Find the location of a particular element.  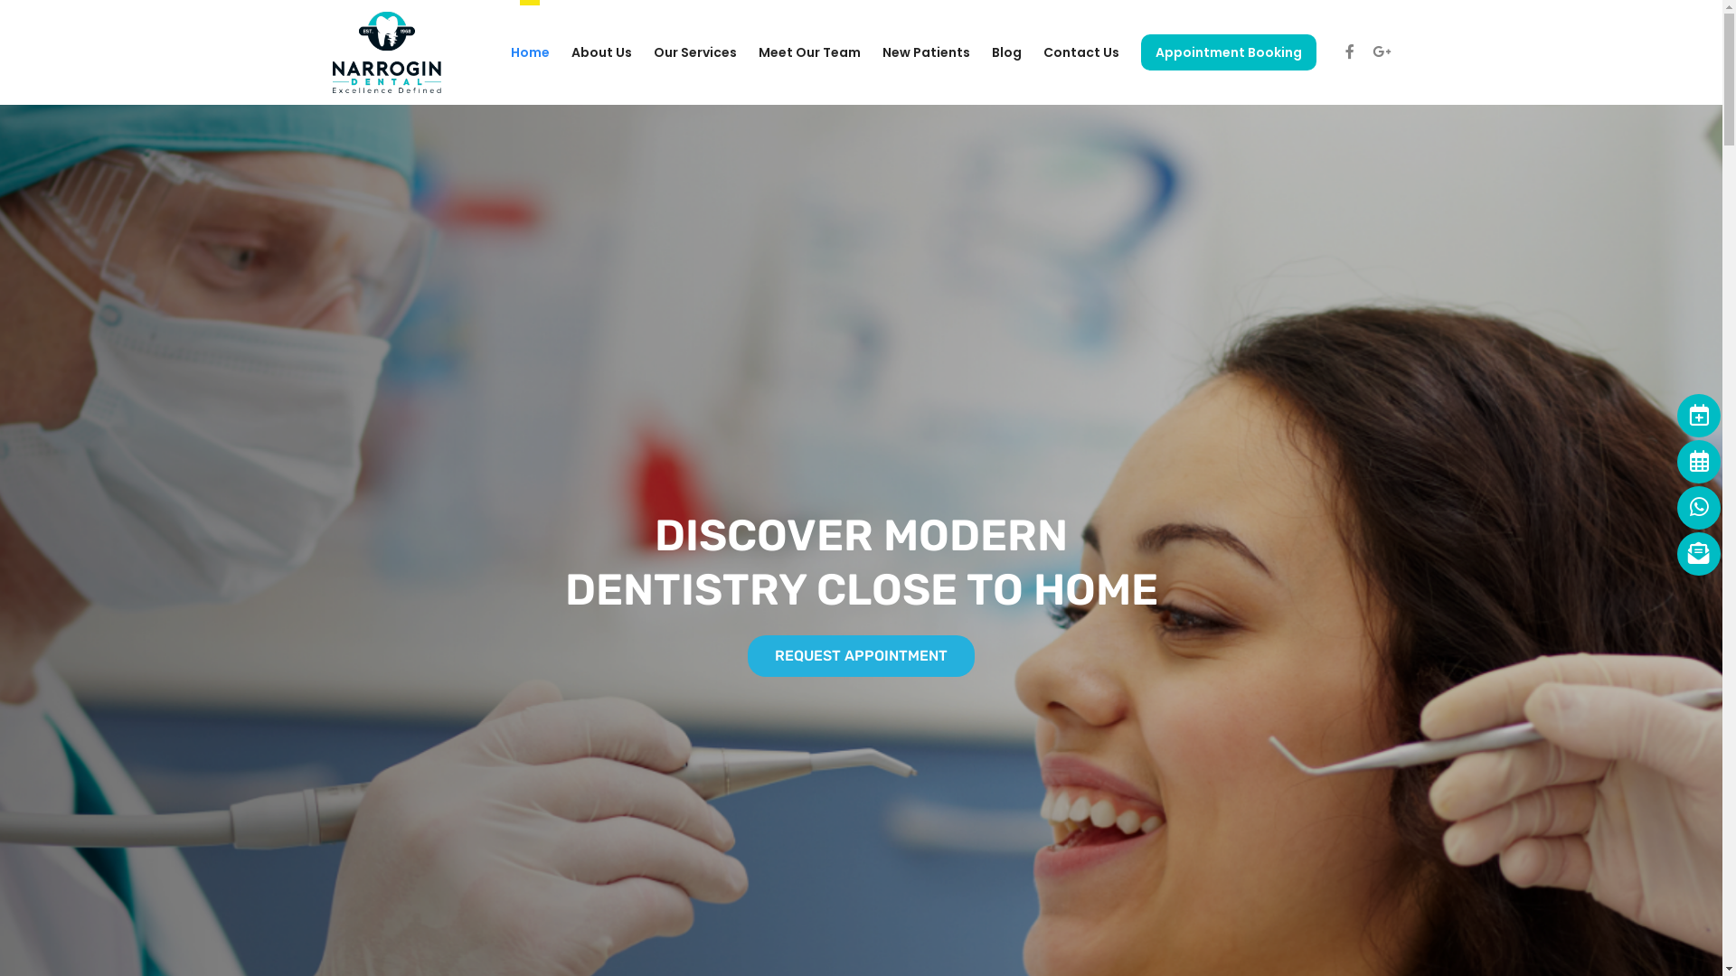

'New Patients' is located at coordinates (882, 51).